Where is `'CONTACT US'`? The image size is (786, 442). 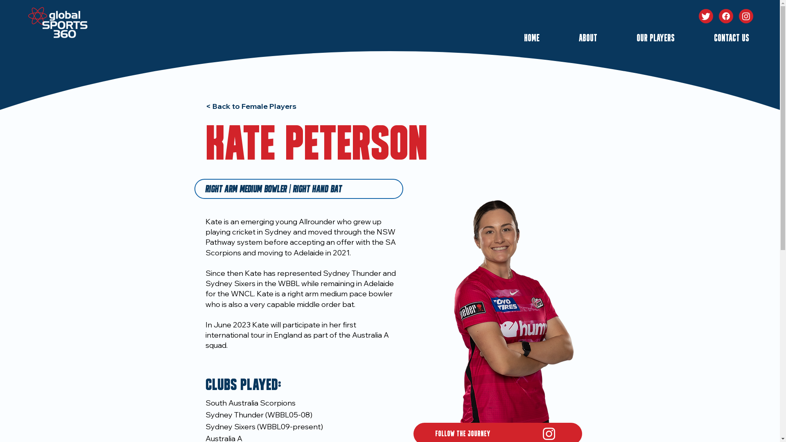 'CONTACT US' is located at coordinates (717, 39).